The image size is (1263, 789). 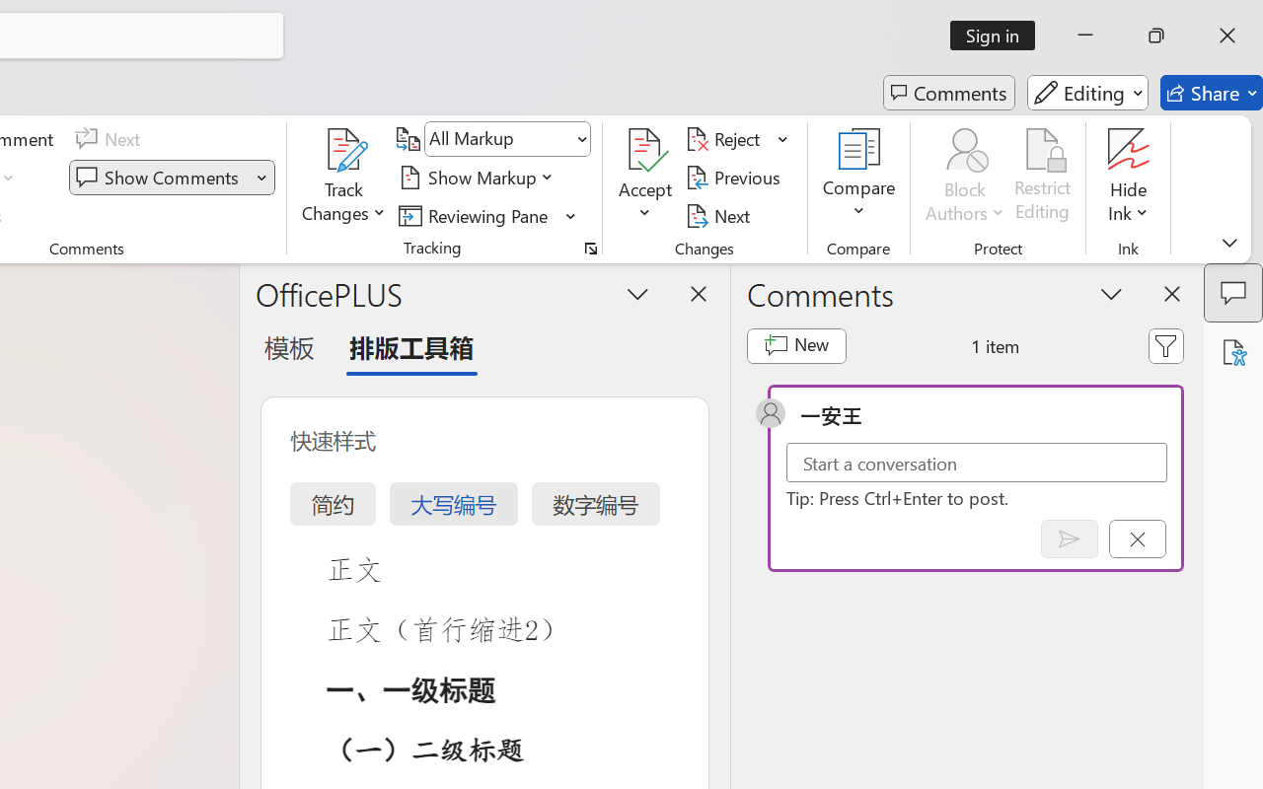 What do you see at coordinates (736, 139) in the screenshot?
I see `'Reject'` at bounding box center [736, 139].